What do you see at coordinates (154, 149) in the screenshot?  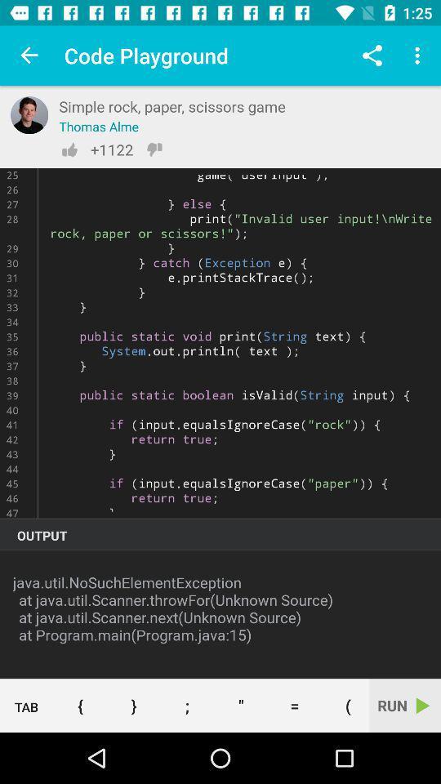 I see `dislike option` at bounding box center [154, 149].